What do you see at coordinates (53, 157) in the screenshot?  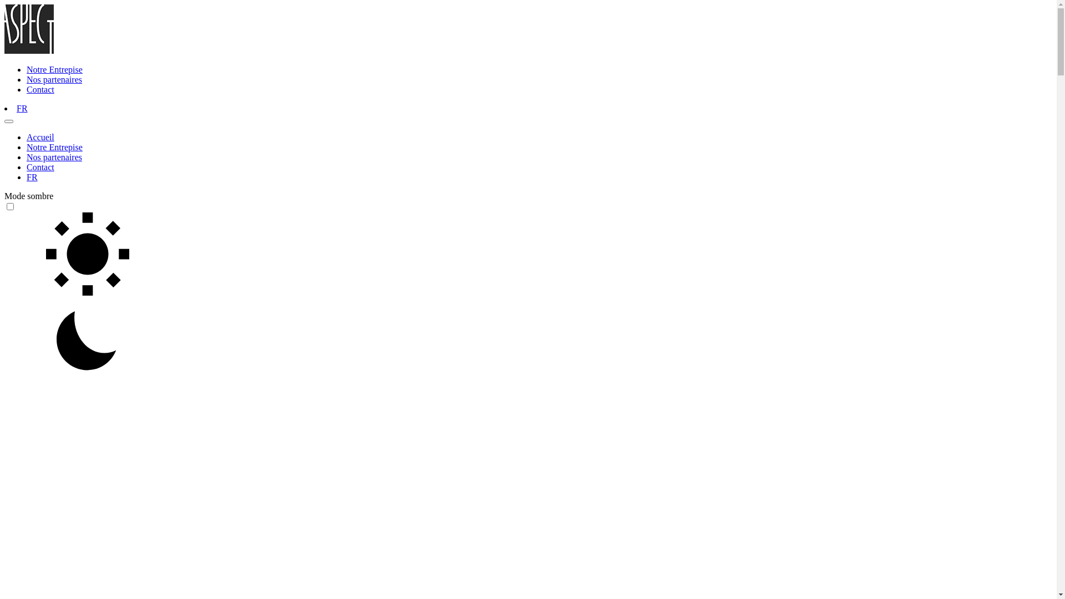 I see `'Nos partenaires'` at bounding box center [53, 157].